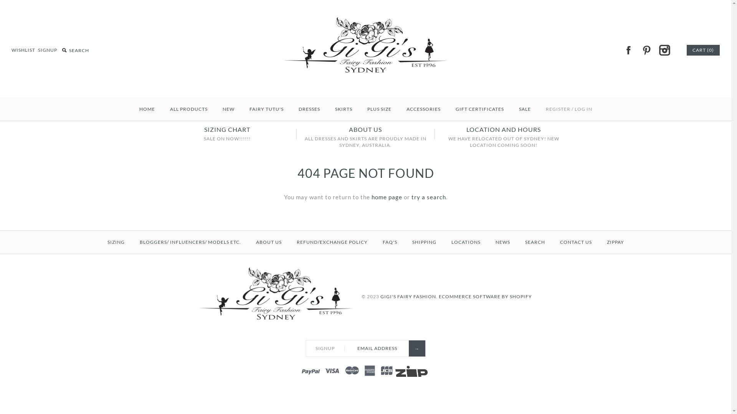  What do you see at coordinates (328, 109) in the screenshot?
I see `'SKIRTS'` at bounding box center [328, 109].